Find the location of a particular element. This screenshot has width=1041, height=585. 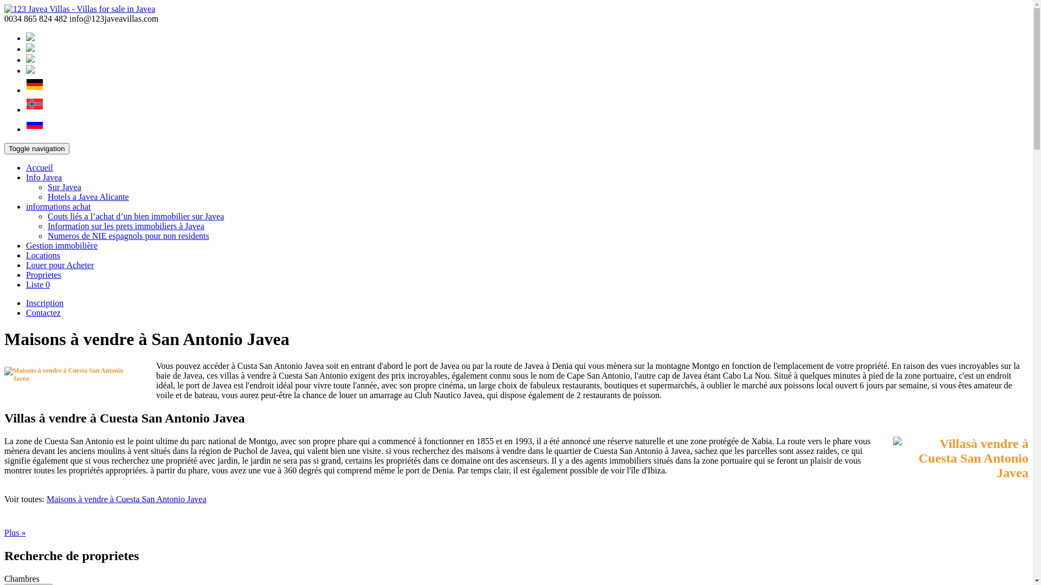

'French' is located at coordinates (26, 49).